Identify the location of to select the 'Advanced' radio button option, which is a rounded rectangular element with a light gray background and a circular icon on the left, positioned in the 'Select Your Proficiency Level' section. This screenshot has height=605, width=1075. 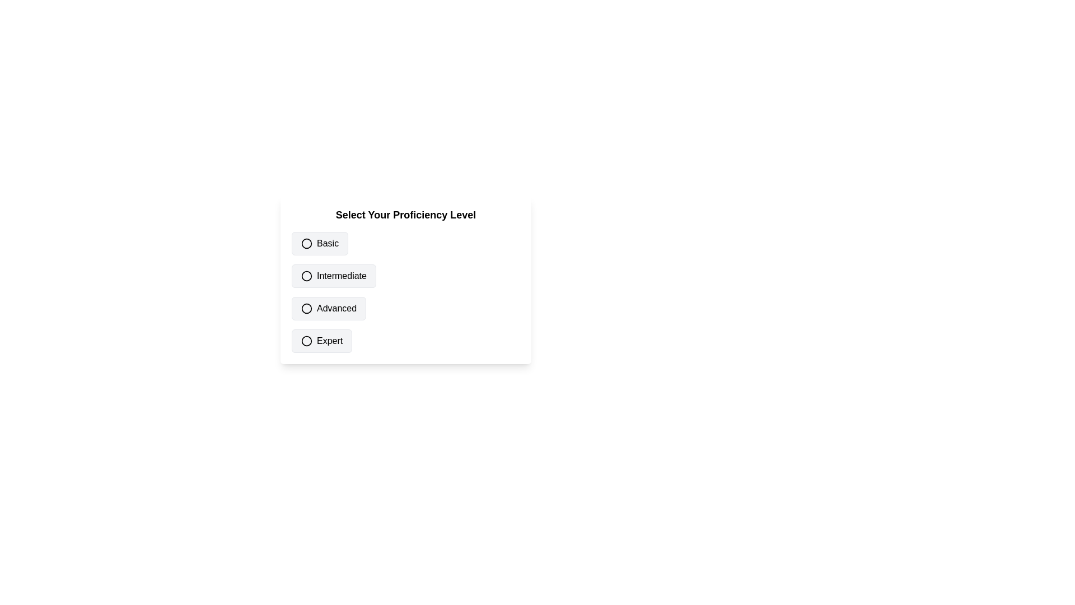
(328, 309).